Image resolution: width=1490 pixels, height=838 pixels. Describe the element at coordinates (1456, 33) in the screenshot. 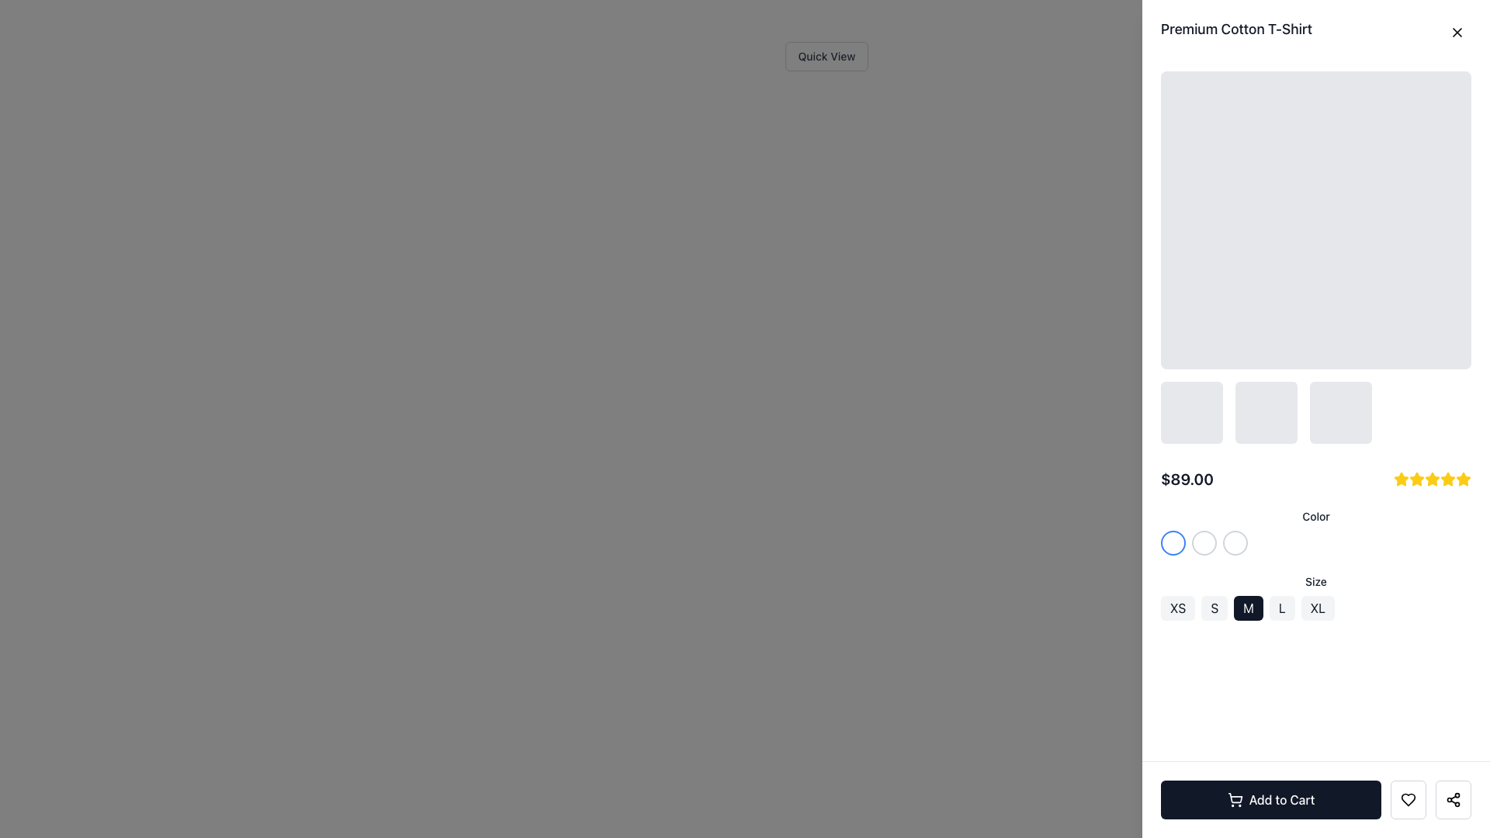

I see `the 'X' shaped icon located at the top-right corner of the product description panel, adjacent to the title 'Premium Cotton T-Shirt'` at that location.